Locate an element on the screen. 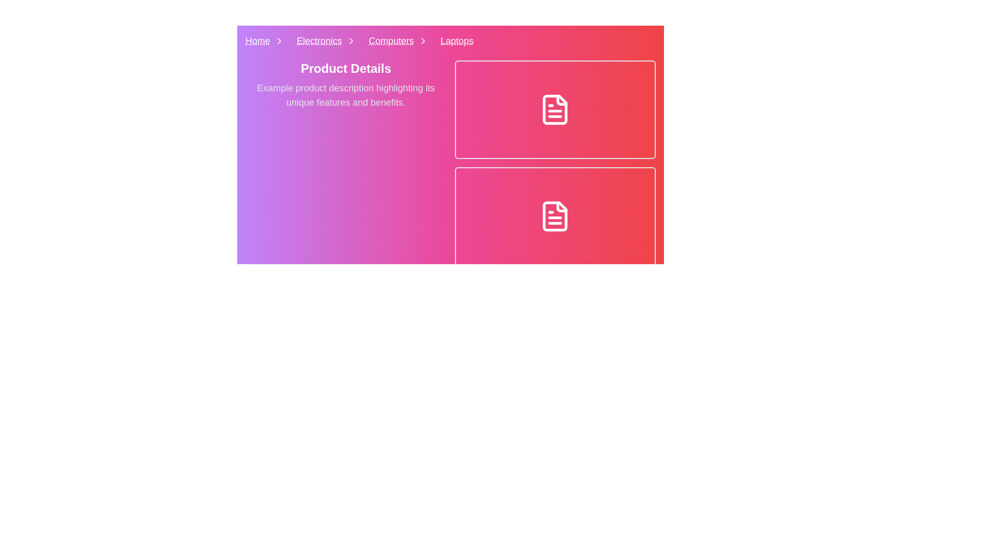 The width and height of the screenshot is (986, 554). the fourth breadcrumb link labeled 'Laptops' in the navigation bar is located at coordinates (457, 41).